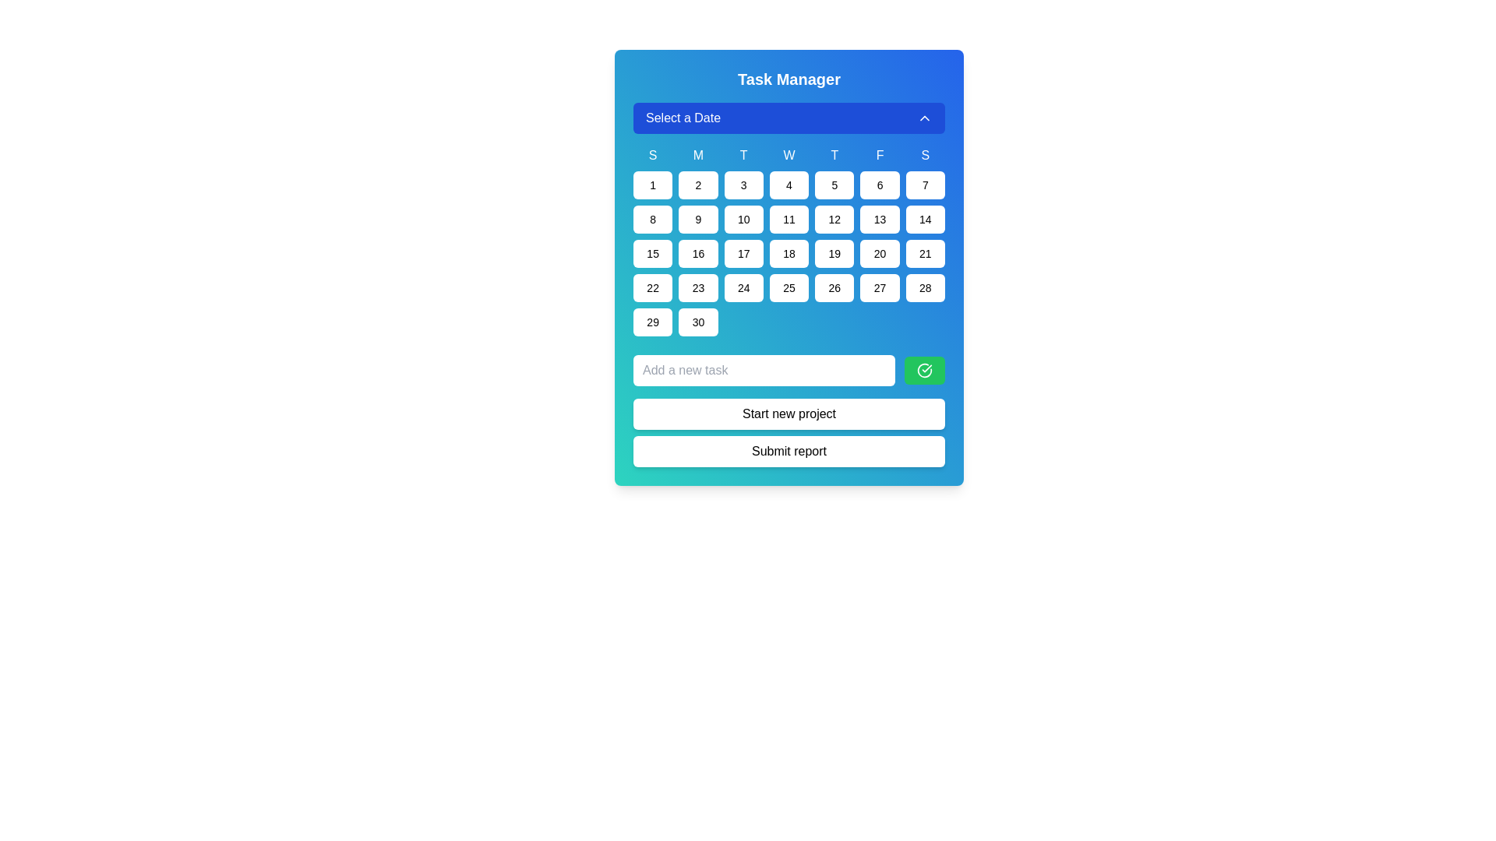  I want to click on the green circular button with a white check icon, located to the right of the 'Add a new task' text input field, to trigger its hover effects, so click(924, 370).